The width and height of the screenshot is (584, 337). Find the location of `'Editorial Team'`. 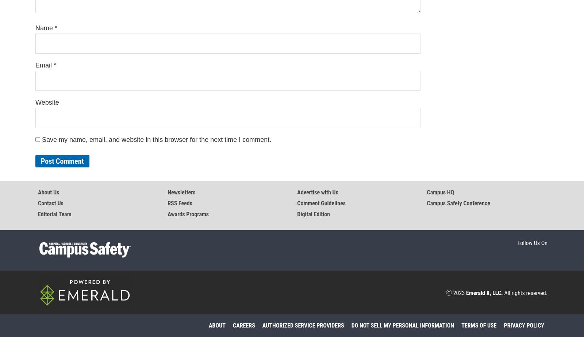

'Editorial Team' is located at coordinates (54, 214).